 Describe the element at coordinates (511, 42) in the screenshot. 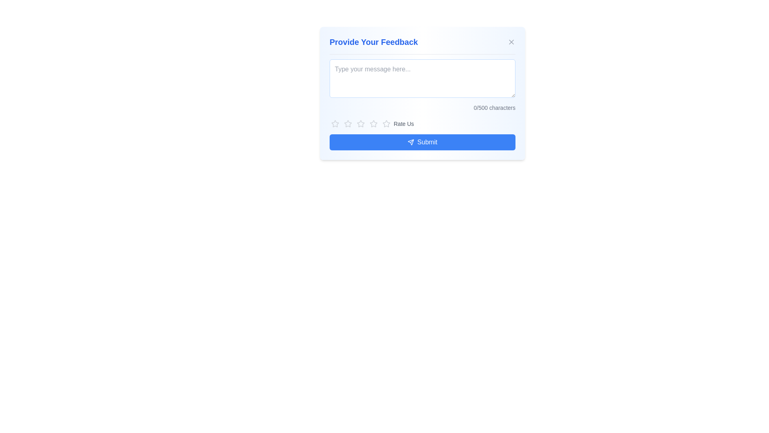

I see `the diagonal cross icon at the top-right corner of the feedback form` at that location.